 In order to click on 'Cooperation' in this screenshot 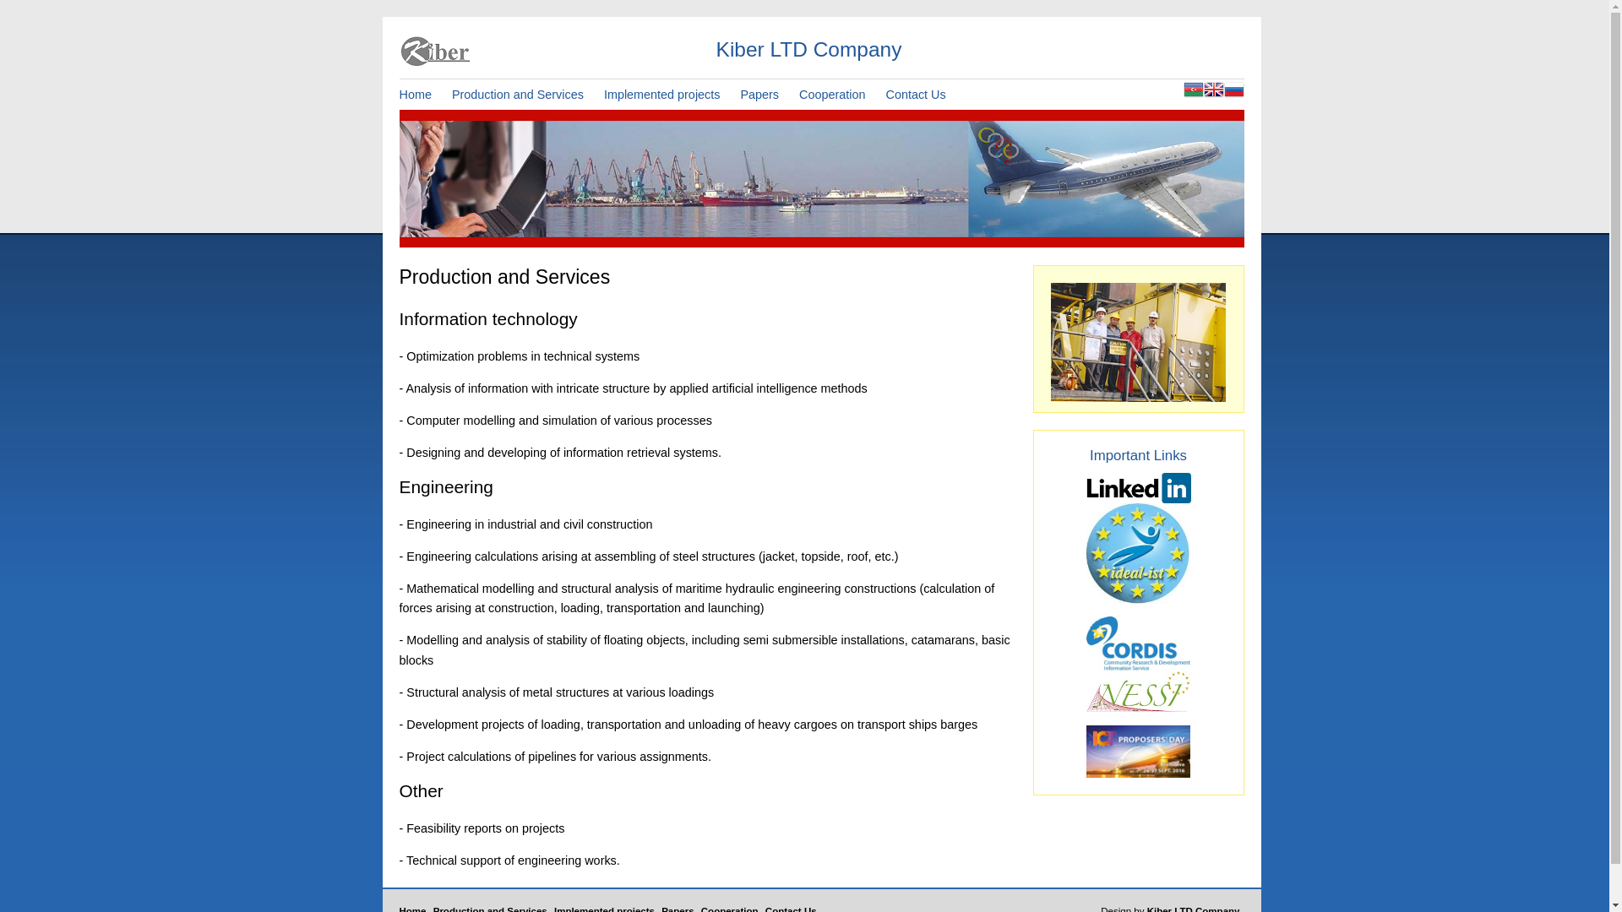, I will do `click(840, 94)`.